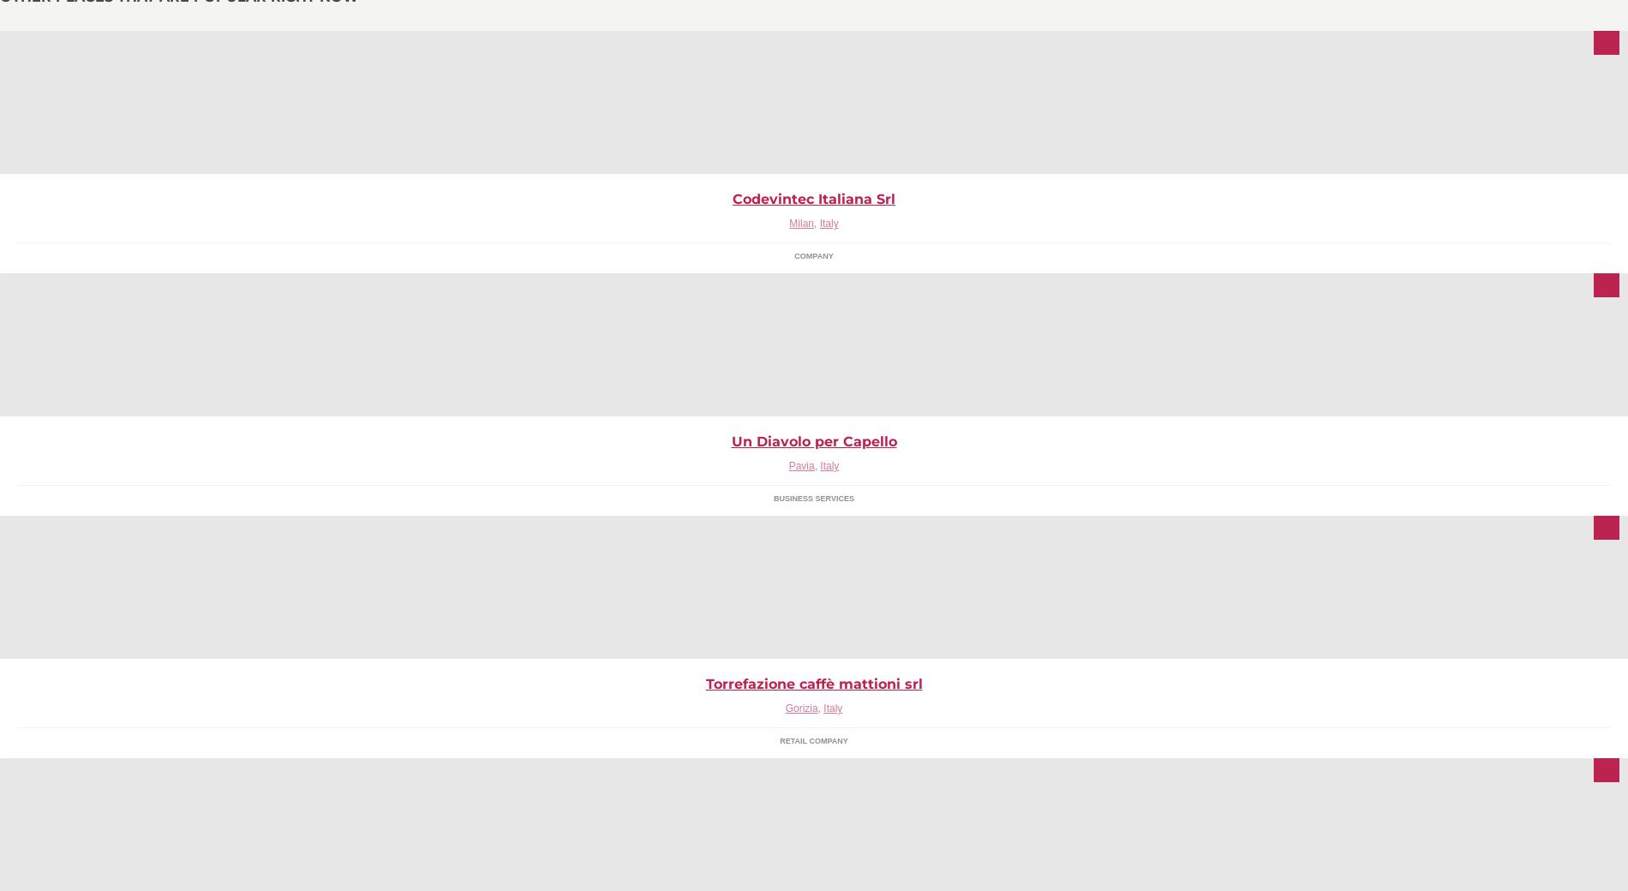 This screenshot has height=891, width=1628. What do you see at coordinates (812, 255) in the screenshot?
I see `'Company'` at bounding box center [812, 255].